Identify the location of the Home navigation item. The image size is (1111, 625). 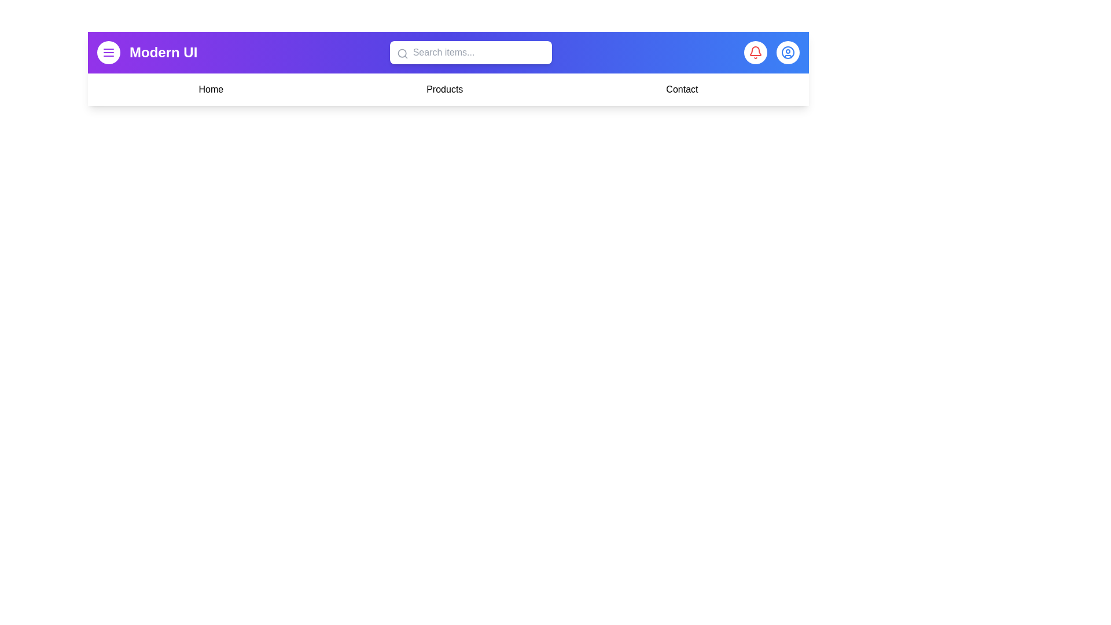
(211, 89).